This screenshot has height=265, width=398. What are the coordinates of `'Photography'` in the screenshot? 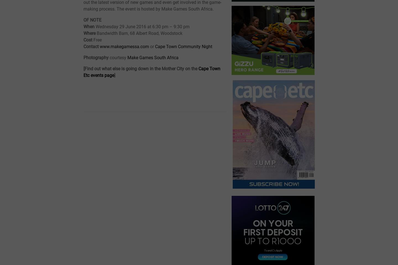 It's located at (96, 57).